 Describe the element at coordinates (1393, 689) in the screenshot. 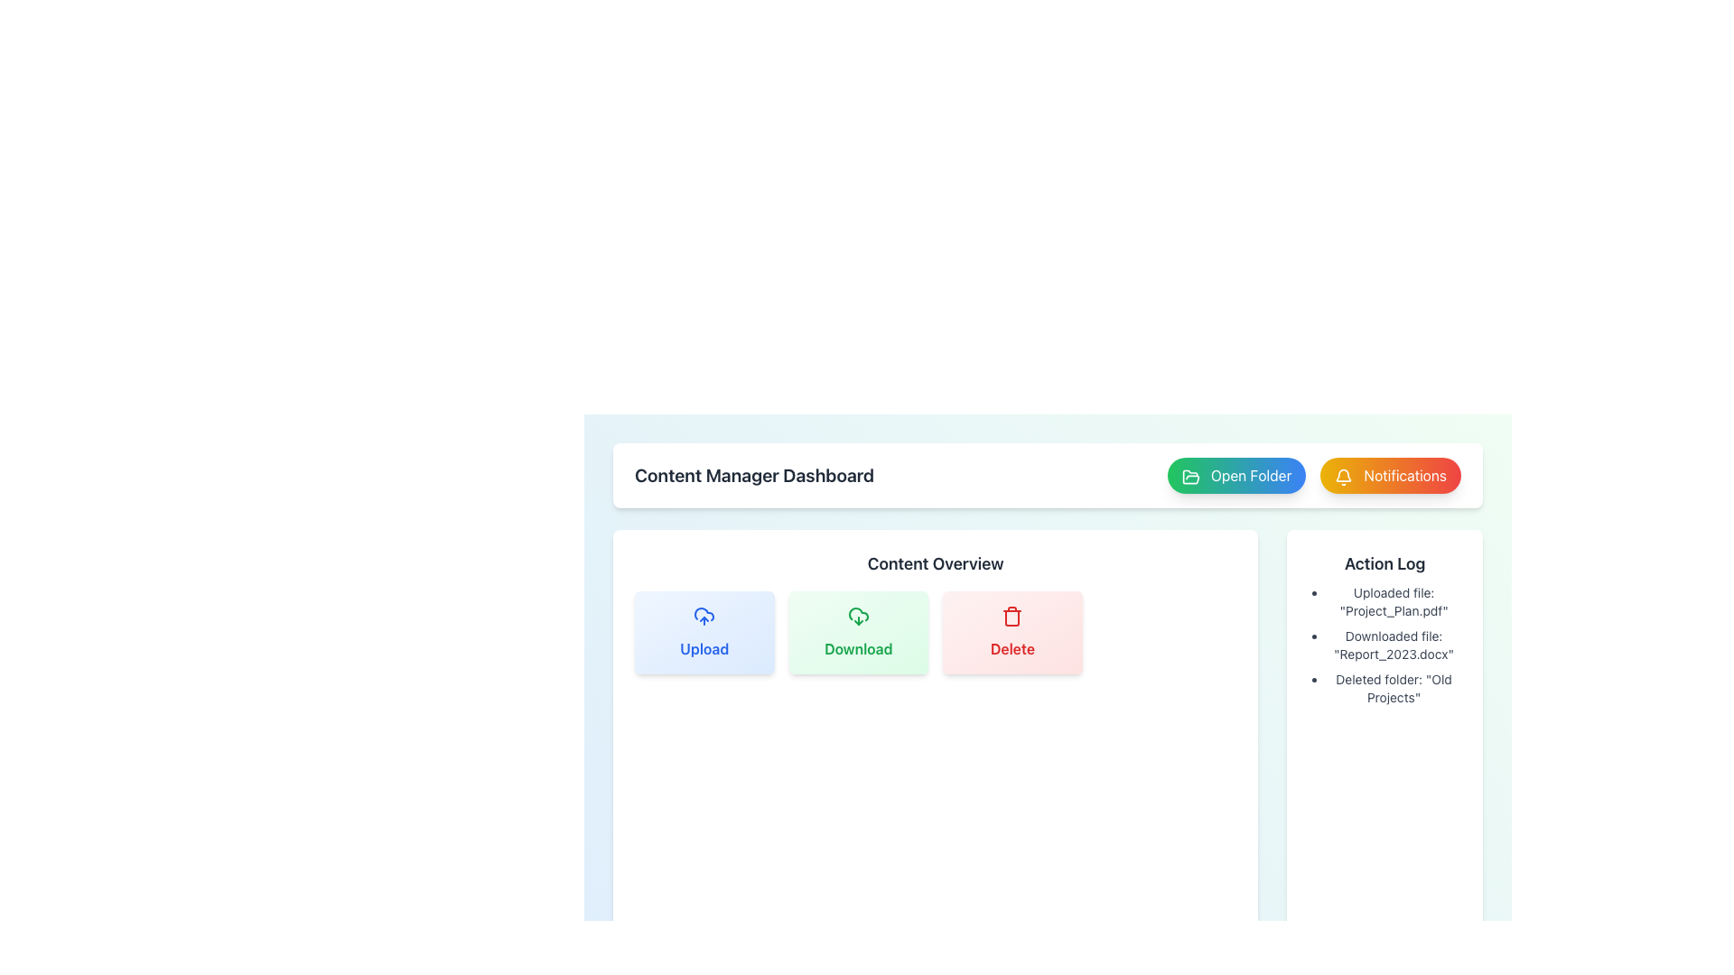

I see `the textual log entry stating 'Deleted folder: "Old Projects"' in the 'Action Log' section, which is the third item in the bullet-pointed list` at that location.